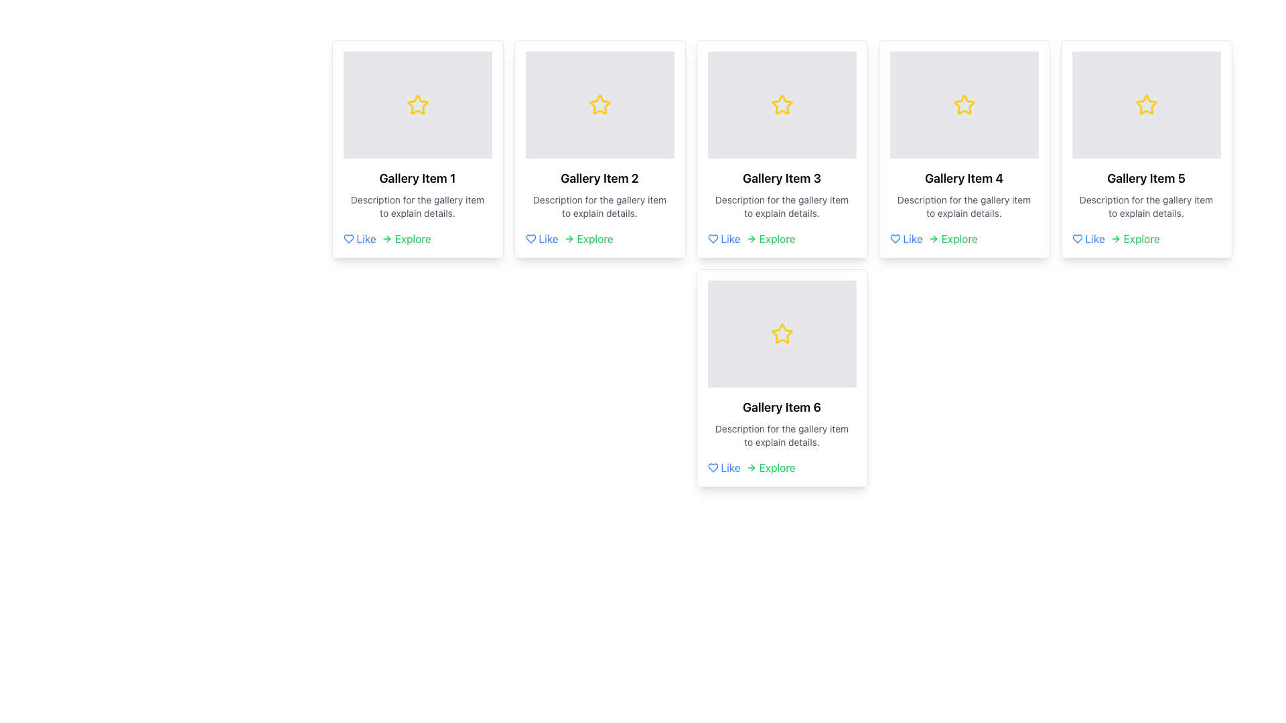  I want to click on the Text group located towards the center bottom of the second card in the first row, directly below the yellow-star icon, so click(599, 194).